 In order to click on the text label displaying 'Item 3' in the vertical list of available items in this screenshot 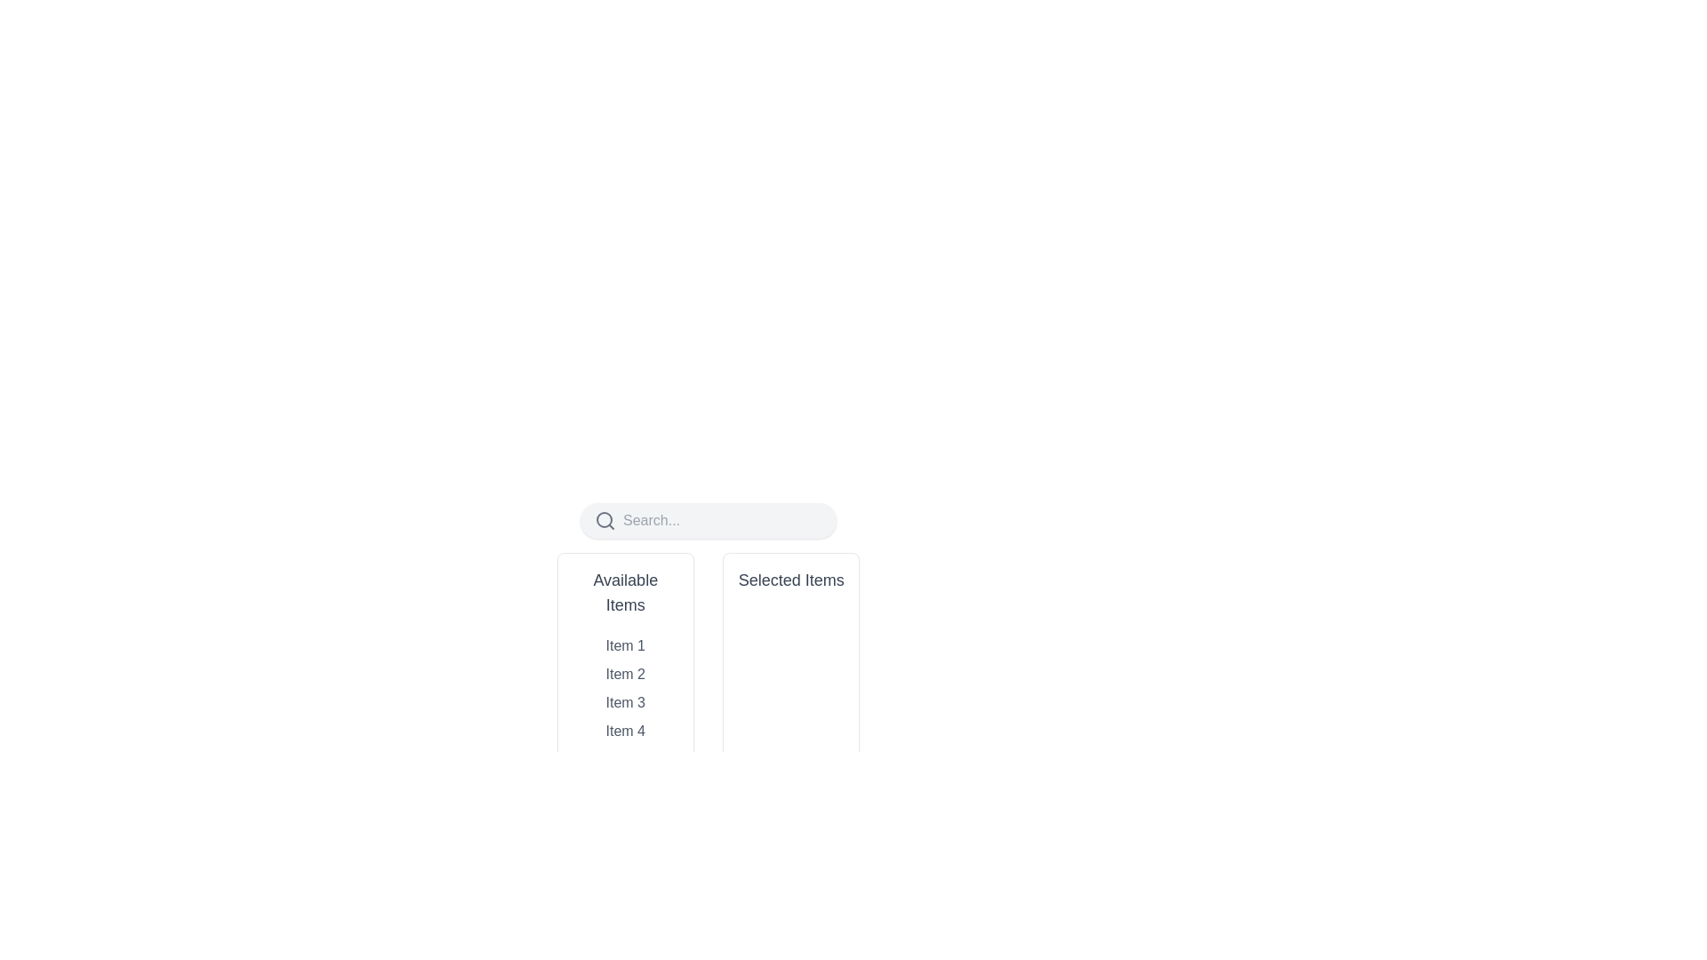, I will do `click(625, 701)`.